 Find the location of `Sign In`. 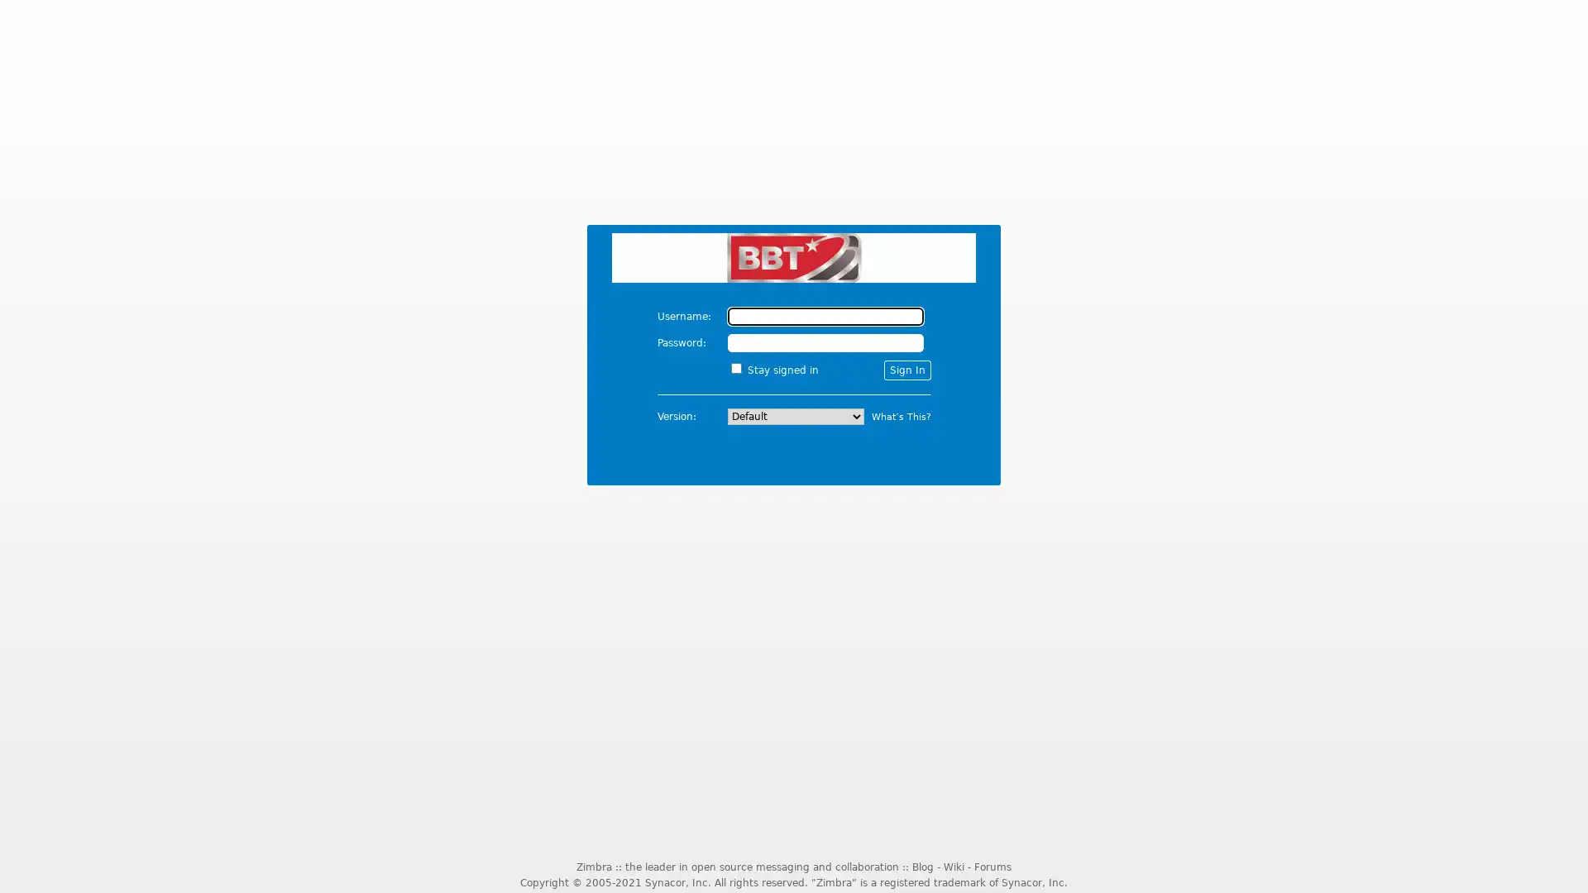

Sign In is located at coordinates (906, 369).